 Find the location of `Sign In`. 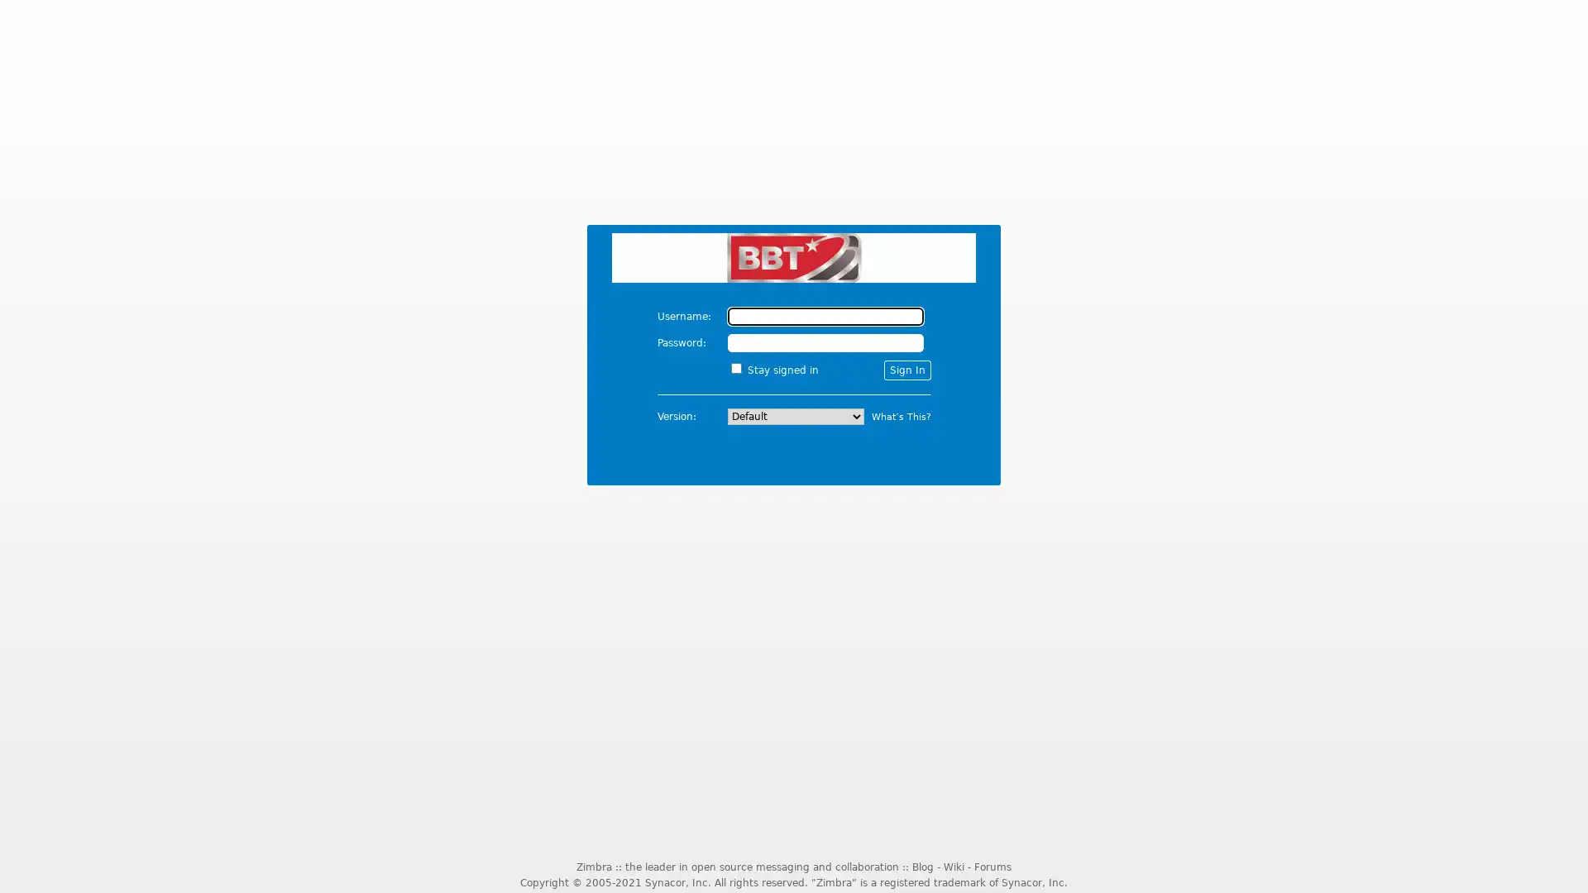

Sign In is located at coordinates (906, 369).